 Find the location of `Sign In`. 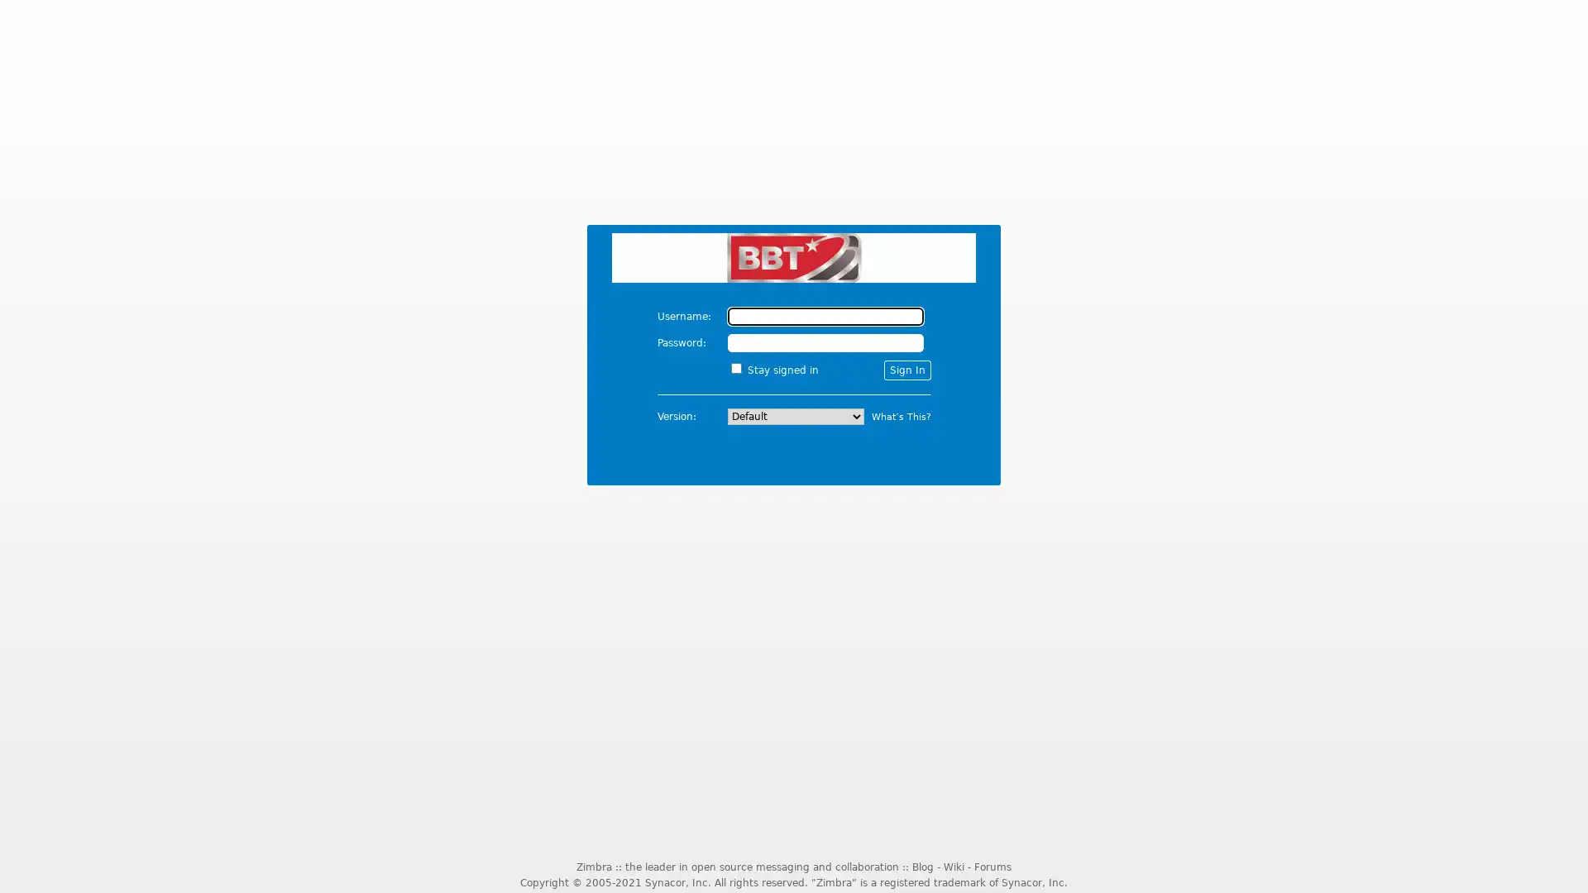

Sign In is located at coordinates (906, 369).